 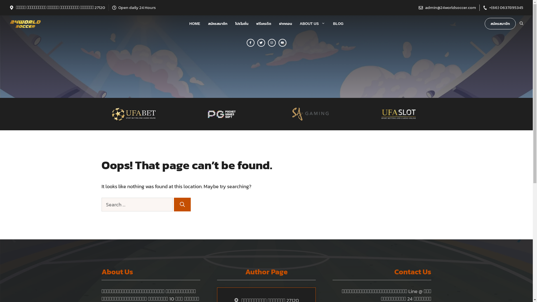 I want to click on 'SA_Gaming_logo_B.457x163', so click(x=310, y=114).